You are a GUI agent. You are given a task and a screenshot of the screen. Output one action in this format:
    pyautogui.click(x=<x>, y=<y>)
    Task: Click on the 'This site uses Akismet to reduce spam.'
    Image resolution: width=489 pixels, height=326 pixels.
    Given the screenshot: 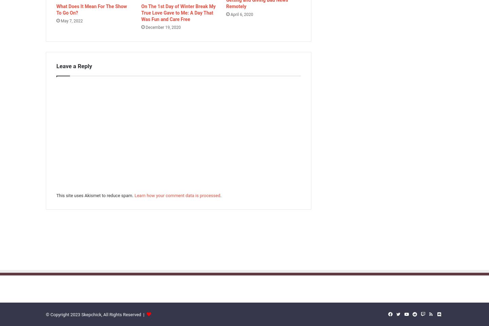 What is the action you would take?
    pyautogui.click(x=56, y=195)
    